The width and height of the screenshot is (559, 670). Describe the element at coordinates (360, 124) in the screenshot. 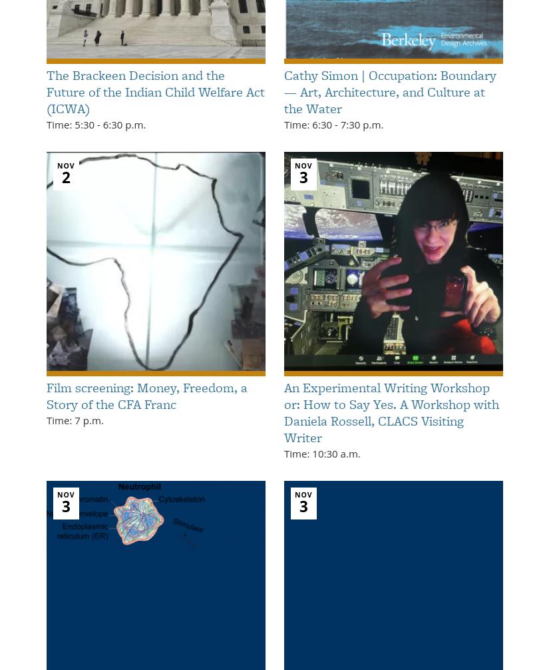

I see `'7:30 p.m.'` at that location.